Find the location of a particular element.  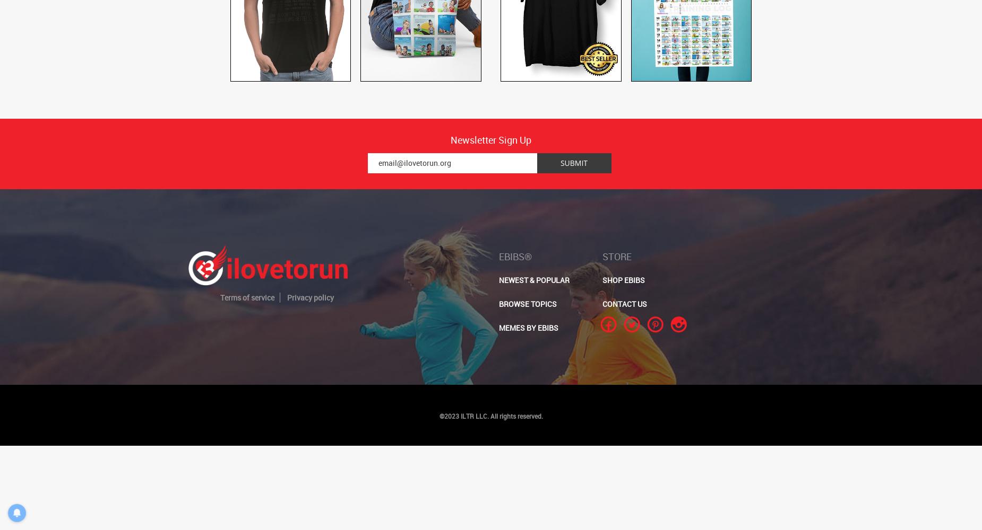

'©2023 ILTR LLC. All rights reserved.' is located at coordinates (438, 416).